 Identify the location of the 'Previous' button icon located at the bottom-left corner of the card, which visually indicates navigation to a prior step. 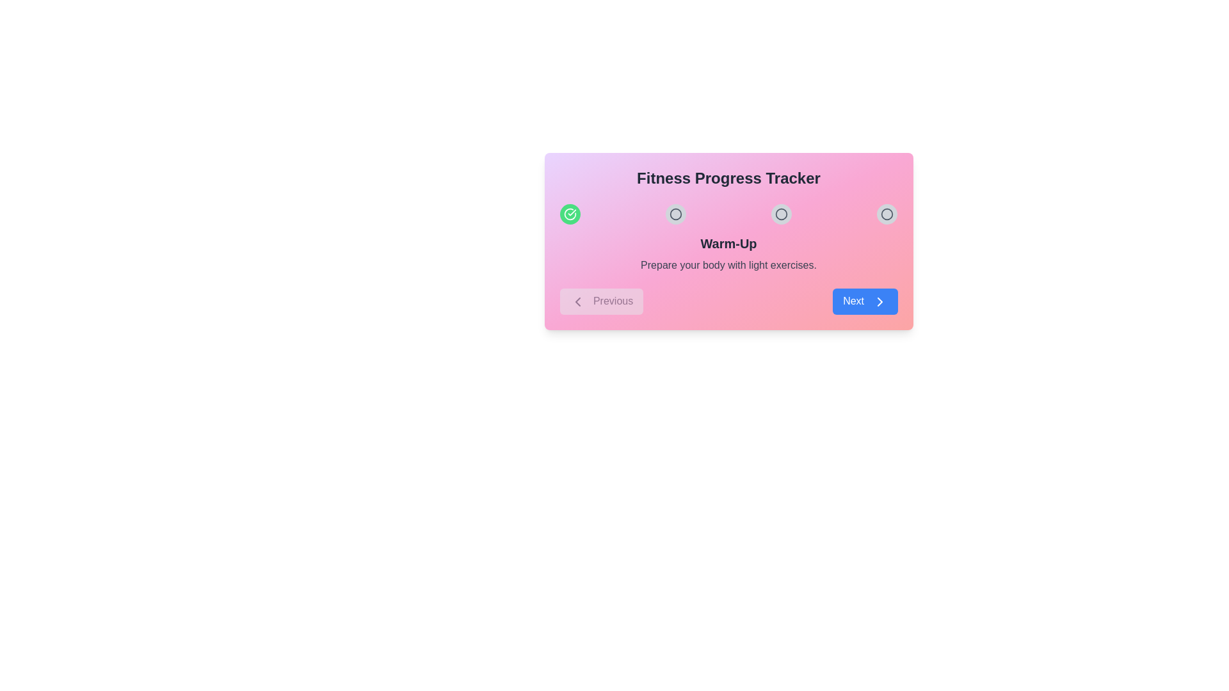
(577, 301).